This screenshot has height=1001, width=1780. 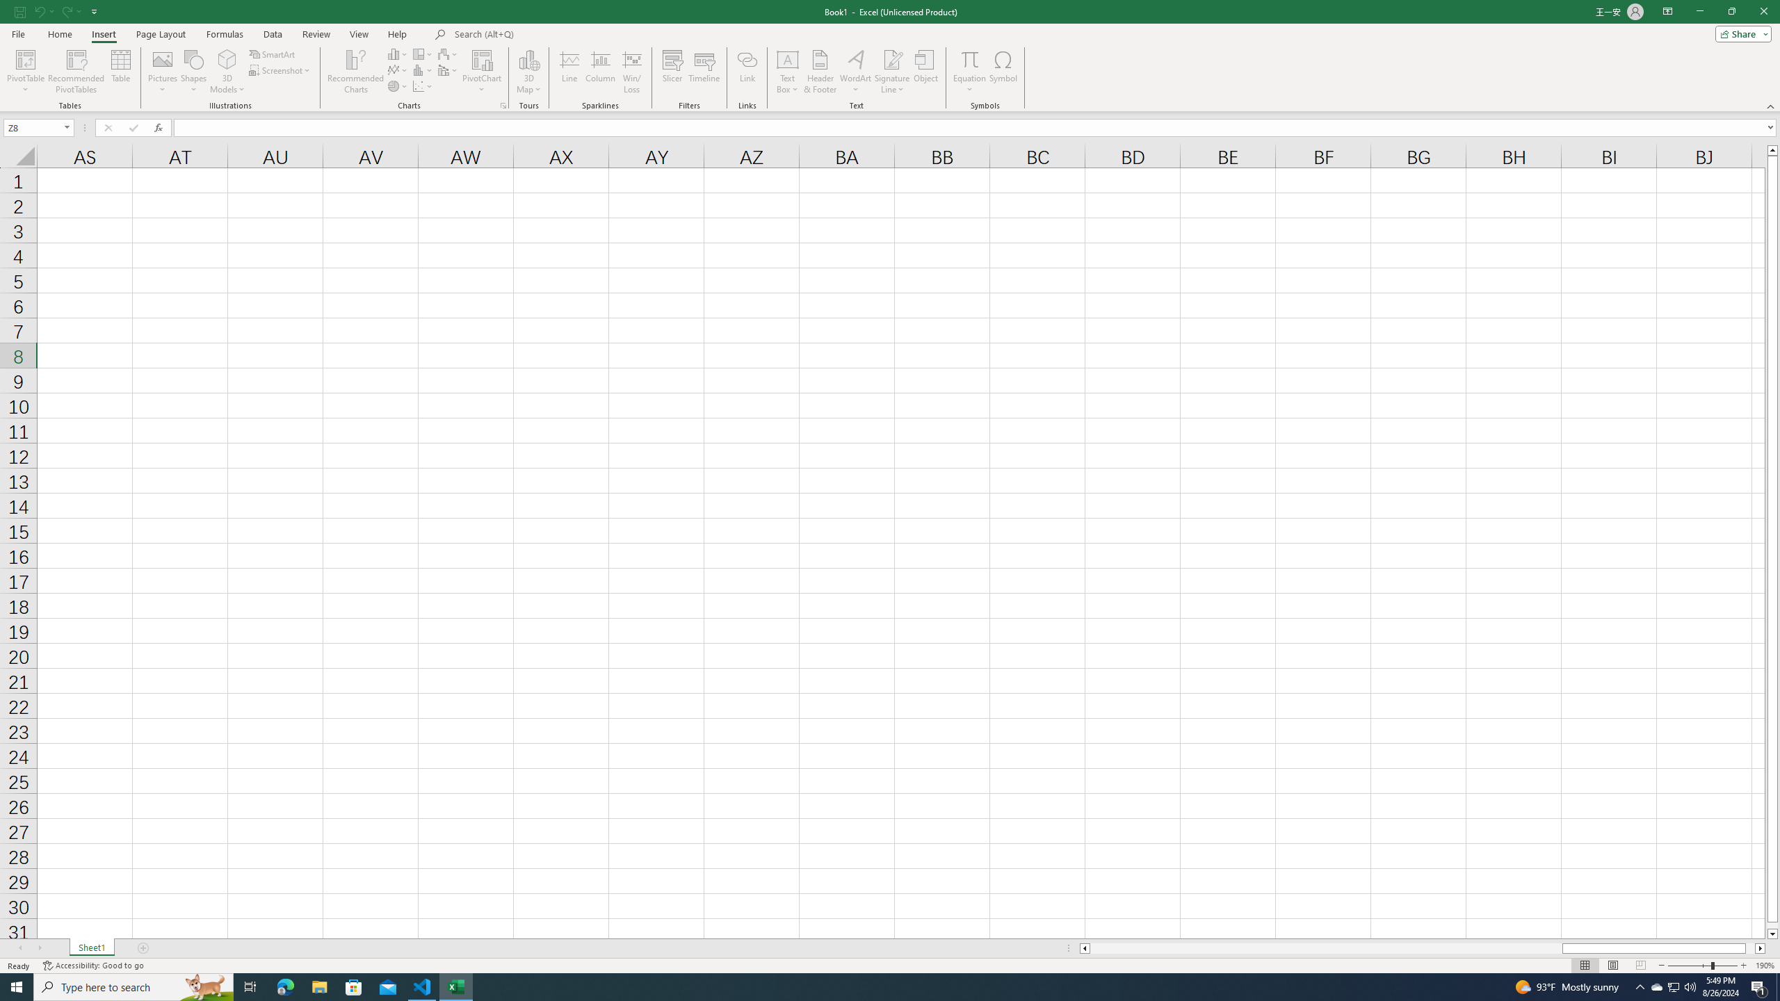 I want to click on 'Recommended PivotTables', so click(x=76, y=72).